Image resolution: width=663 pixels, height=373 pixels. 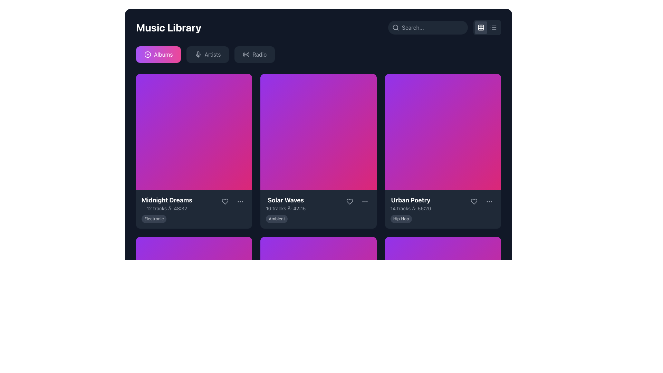 I want to click on album details displayed on the text label located beneath the 'Urban Poetry' title text within the third card in the top row of the album grid, so click(x=411, y=208).